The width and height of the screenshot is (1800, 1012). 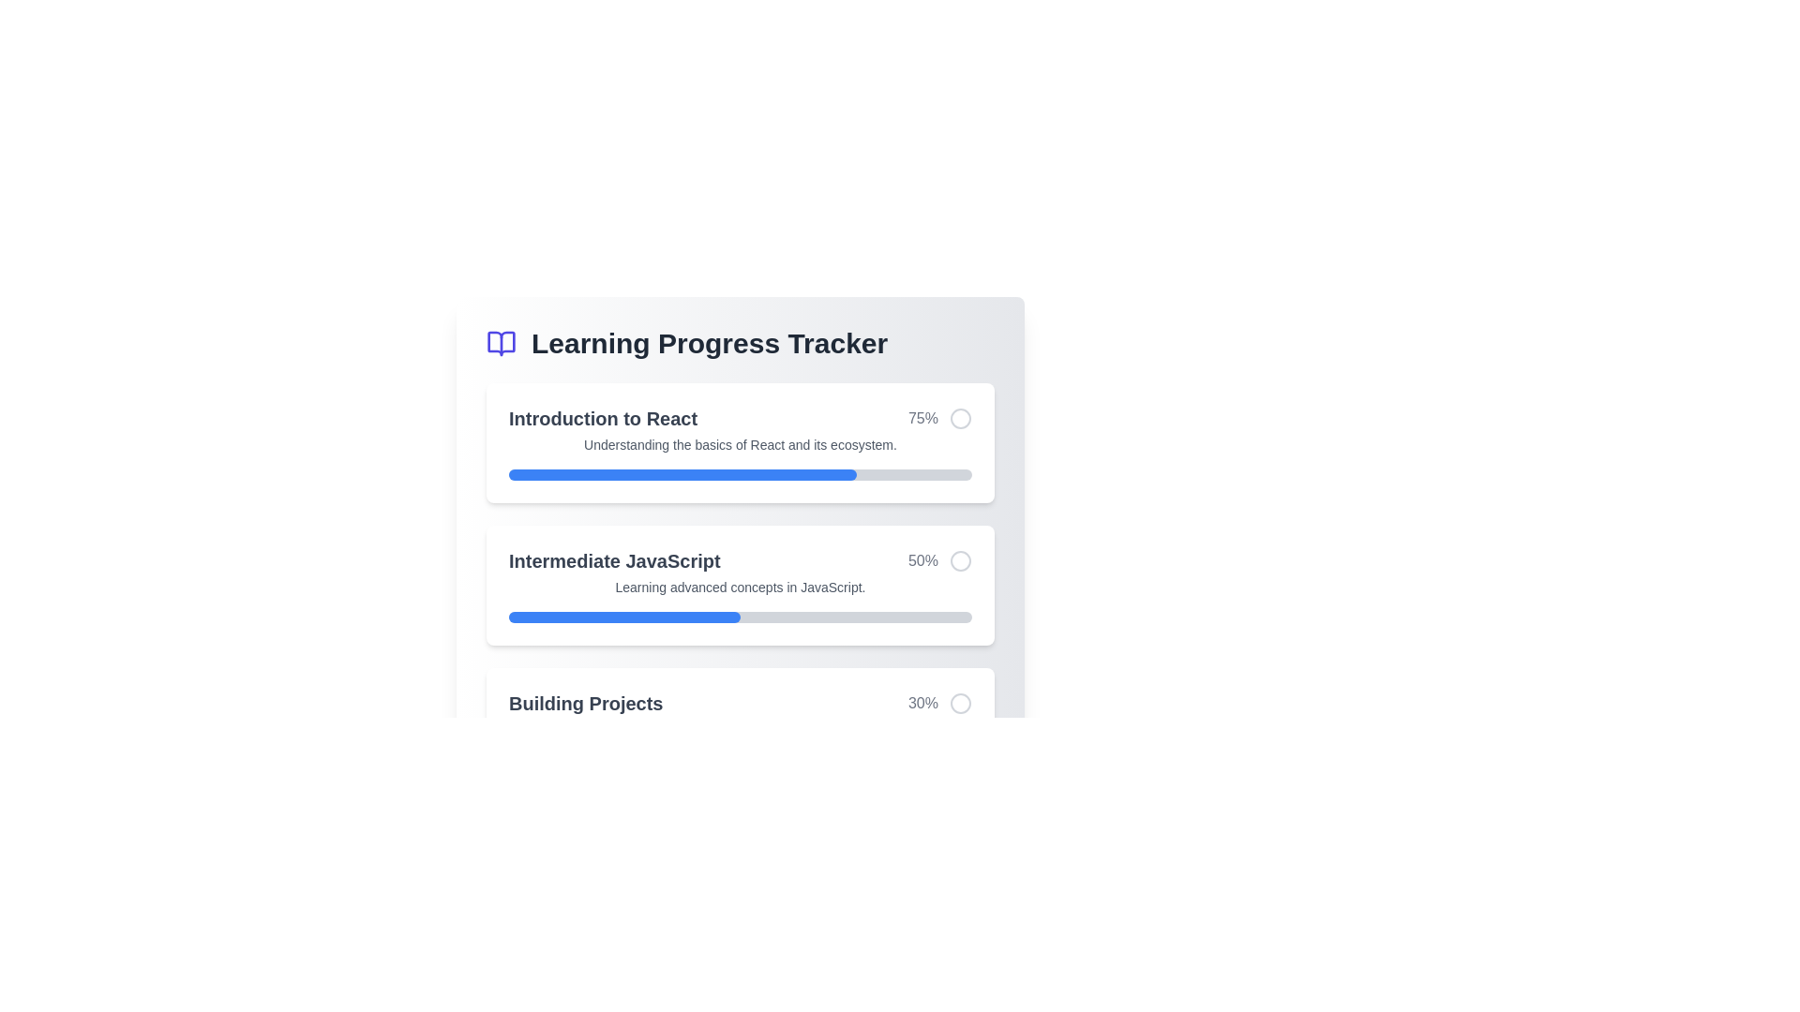 What do you see at coordinates (740, 473) in the screenshot?
I see `the progress representation of the Progress Bar indicating 75% completion for the 'Introduction to React' module` at bounding box center [740, 473].